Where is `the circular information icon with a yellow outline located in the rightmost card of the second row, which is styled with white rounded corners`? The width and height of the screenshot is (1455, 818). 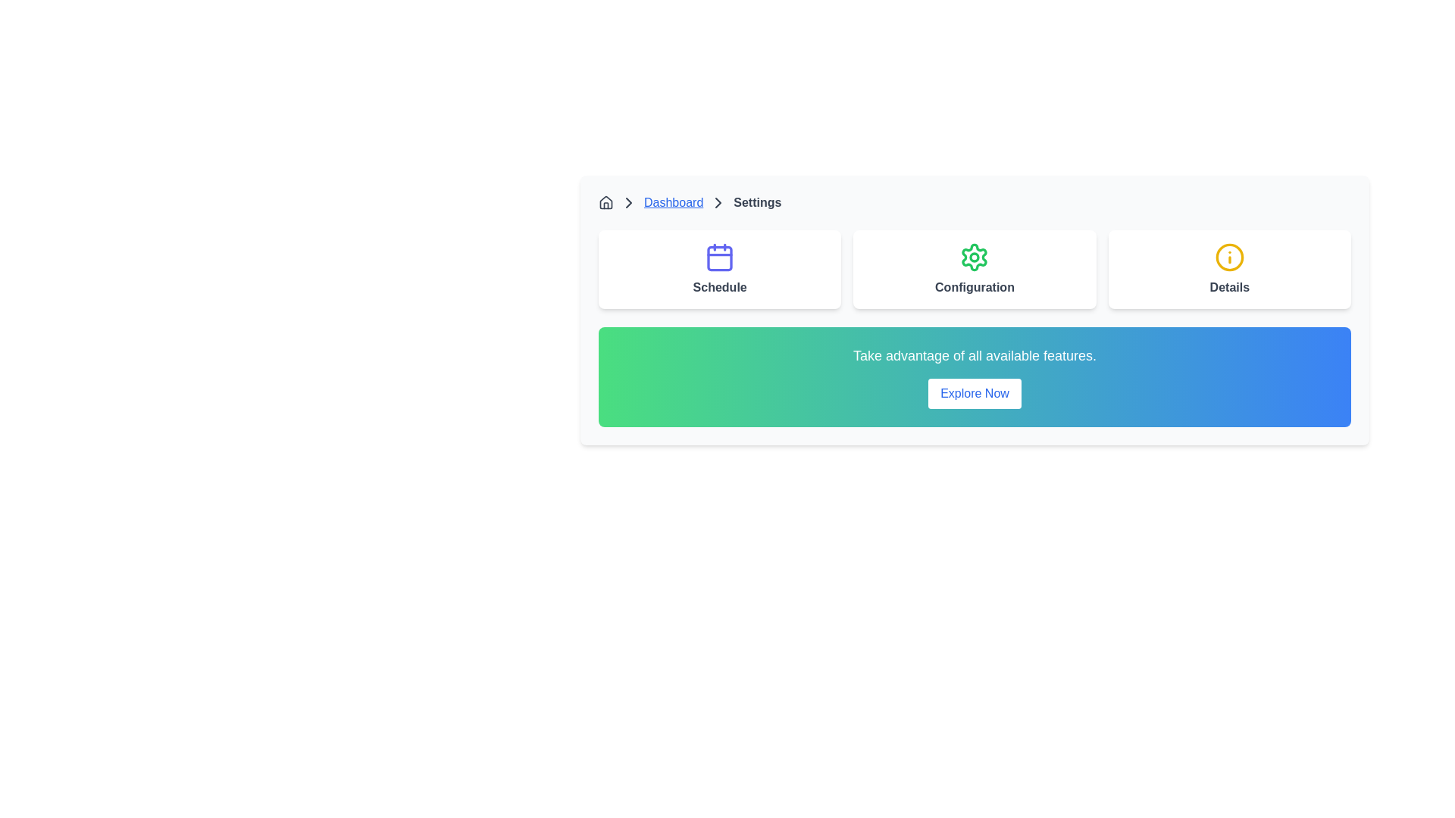
the circular information icon with a yellow outline located in the rightmost card of the second row, which is styled with white rounded corners is located at coordinates (1229, 256).